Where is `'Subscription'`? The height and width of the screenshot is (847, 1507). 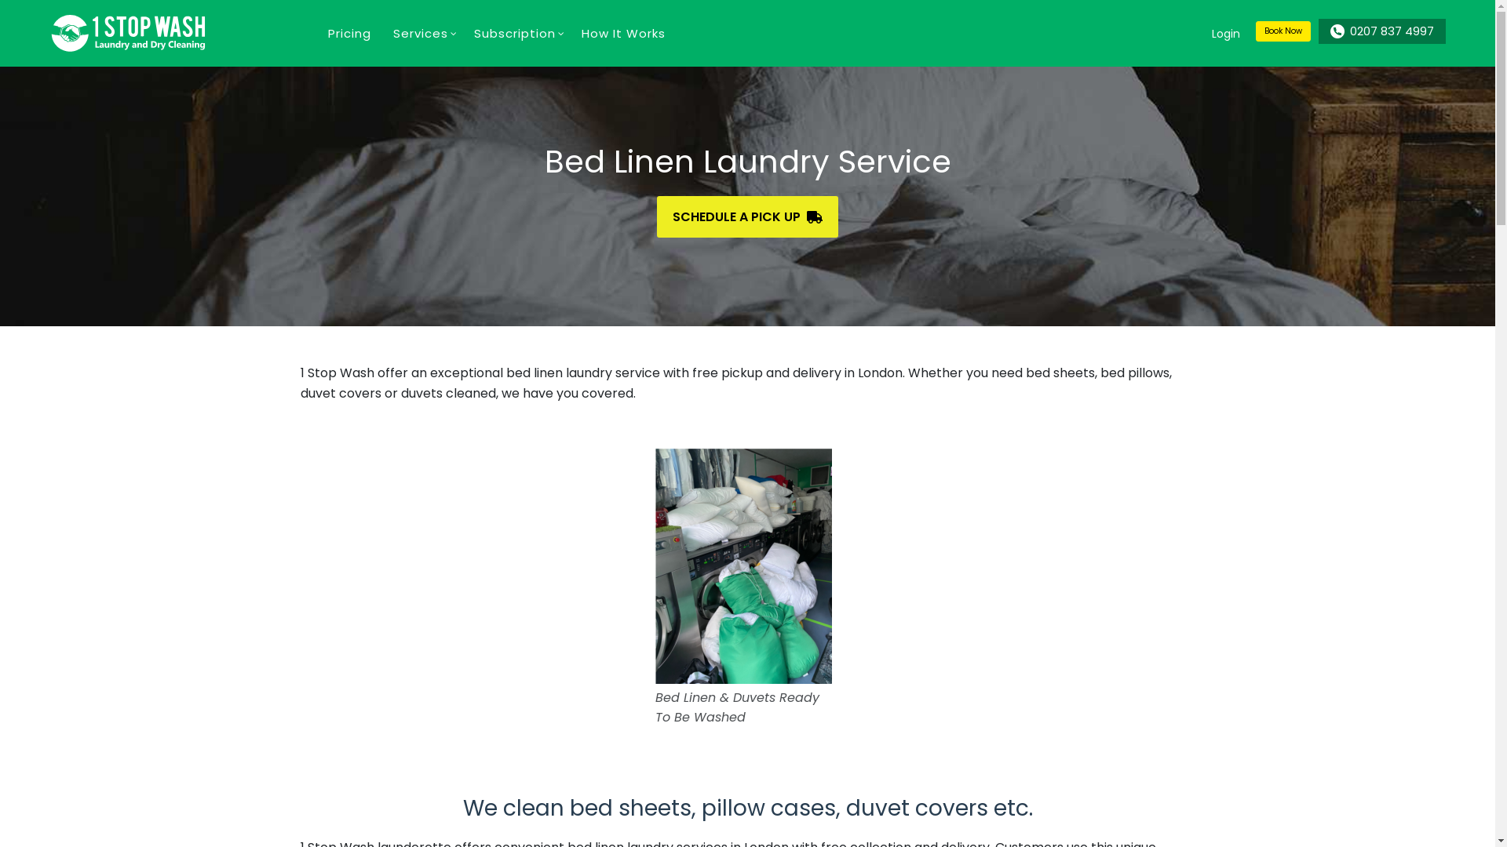
'Subscription' is located at coordinates (515, 33).